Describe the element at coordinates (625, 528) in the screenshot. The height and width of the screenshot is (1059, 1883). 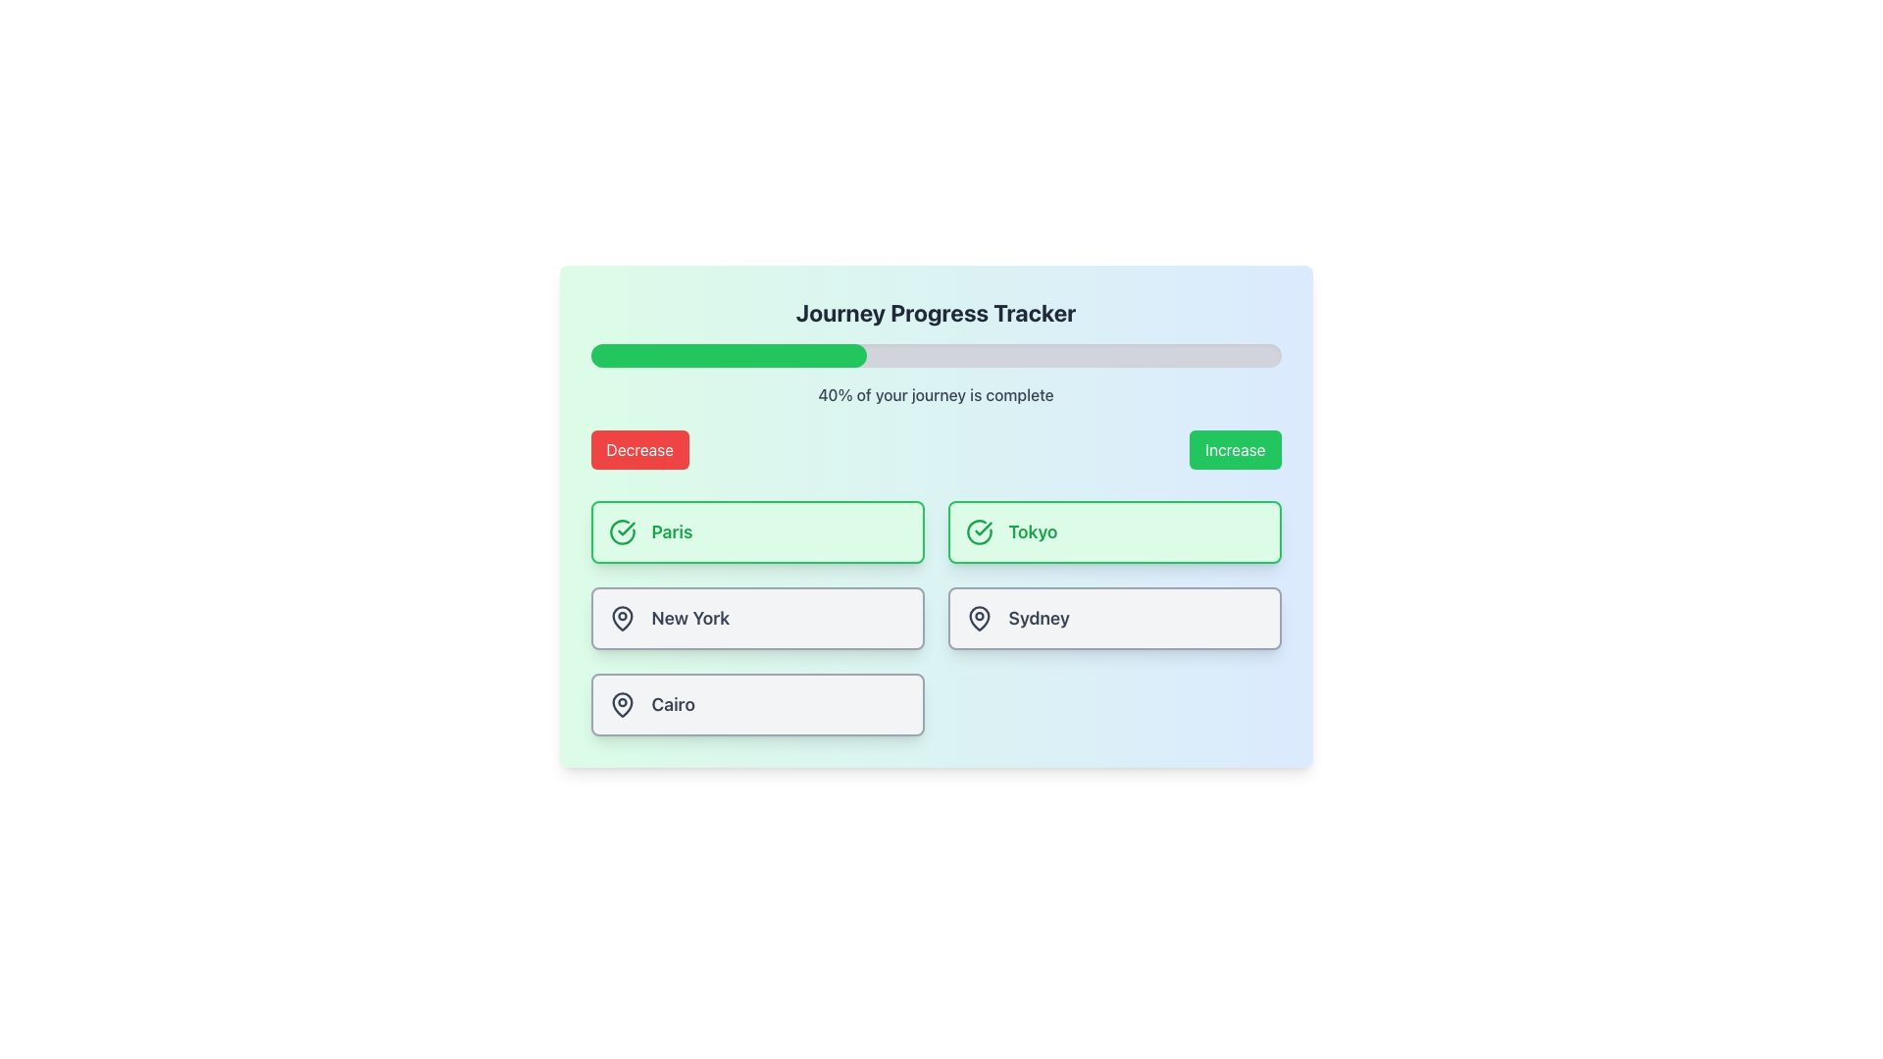
I see `the check mark icon represented by a green tick inside a circular outline located within the 'Tokyo' button` at that location.